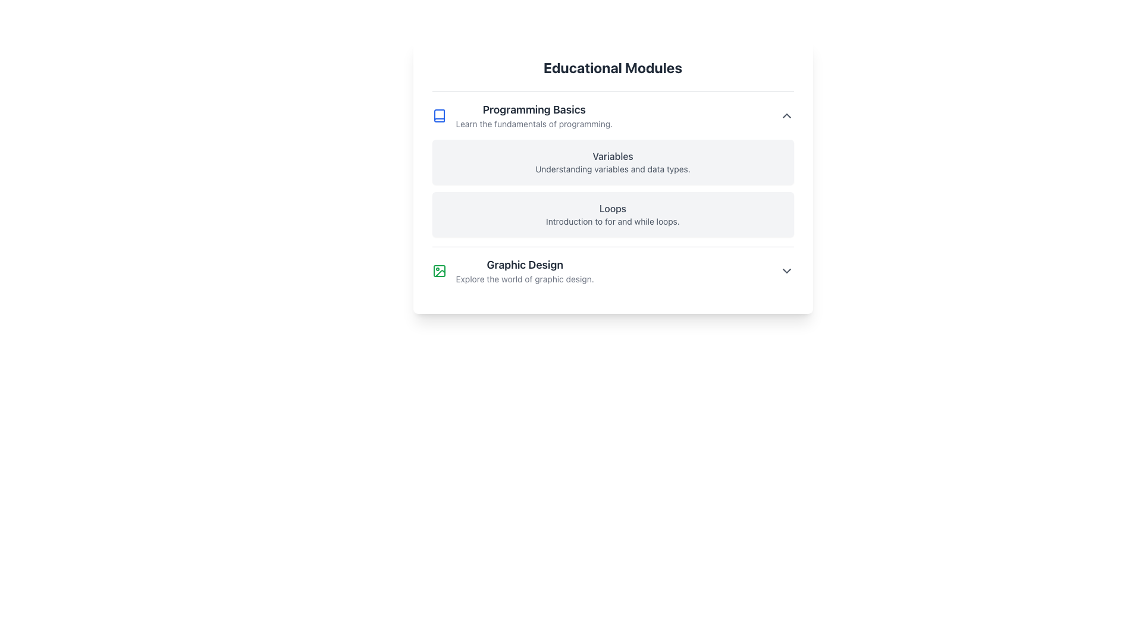 This screenshot has width=1142, height=642. Describe the element at coordinates (613, 208) in the screenshot. I see `the text label that serves as the title for the section titled 'Loops', which introduces the concept of loops in programming` at that location.